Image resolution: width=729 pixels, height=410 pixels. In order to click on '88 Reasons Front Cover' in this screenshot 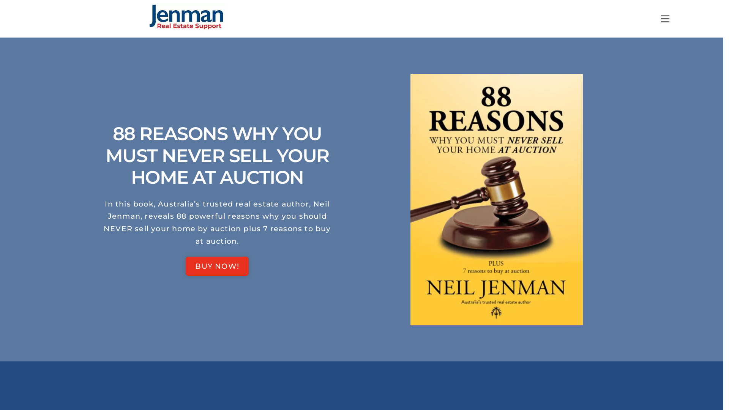, I will do `click(496, 199)`.